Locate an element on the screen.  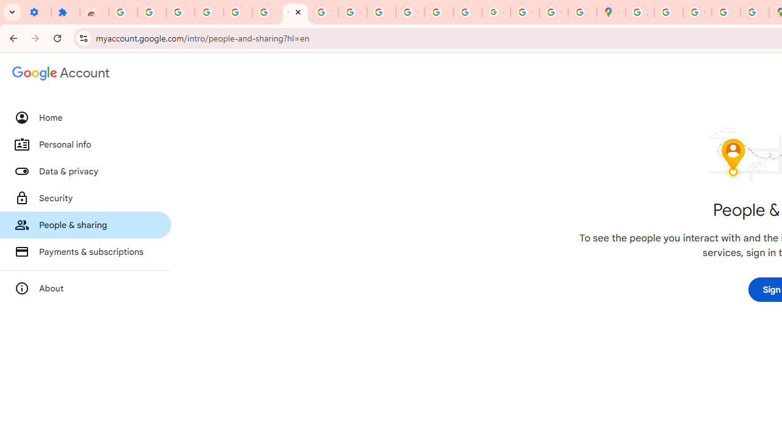
'Payments & subscriptions' is located at coordinates (85, 251).